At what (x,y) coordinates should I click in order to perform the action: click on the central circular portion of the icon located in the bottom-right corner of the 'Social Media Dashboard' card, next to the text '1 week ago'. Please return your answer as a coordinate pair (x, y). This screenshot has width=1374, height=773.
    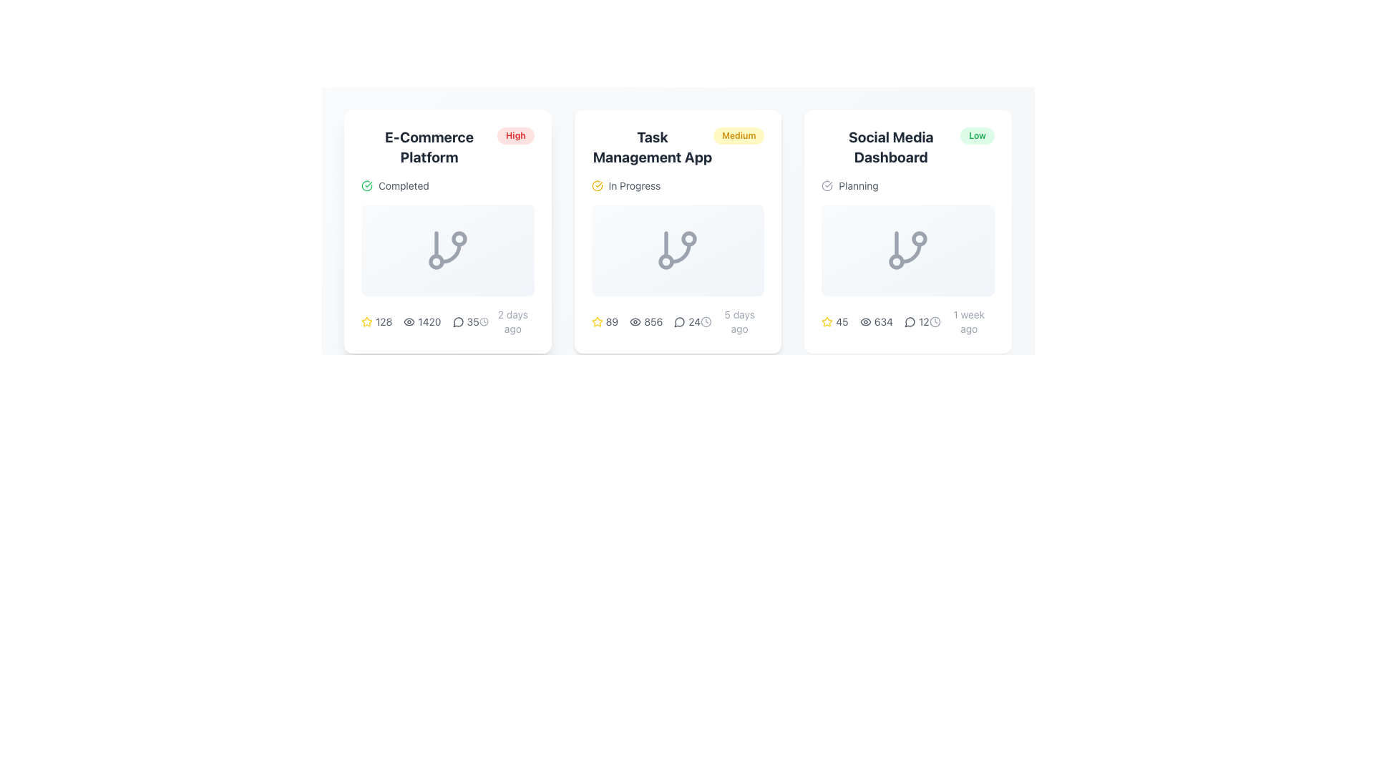
    Looking at the image, I should click on (935, 322).